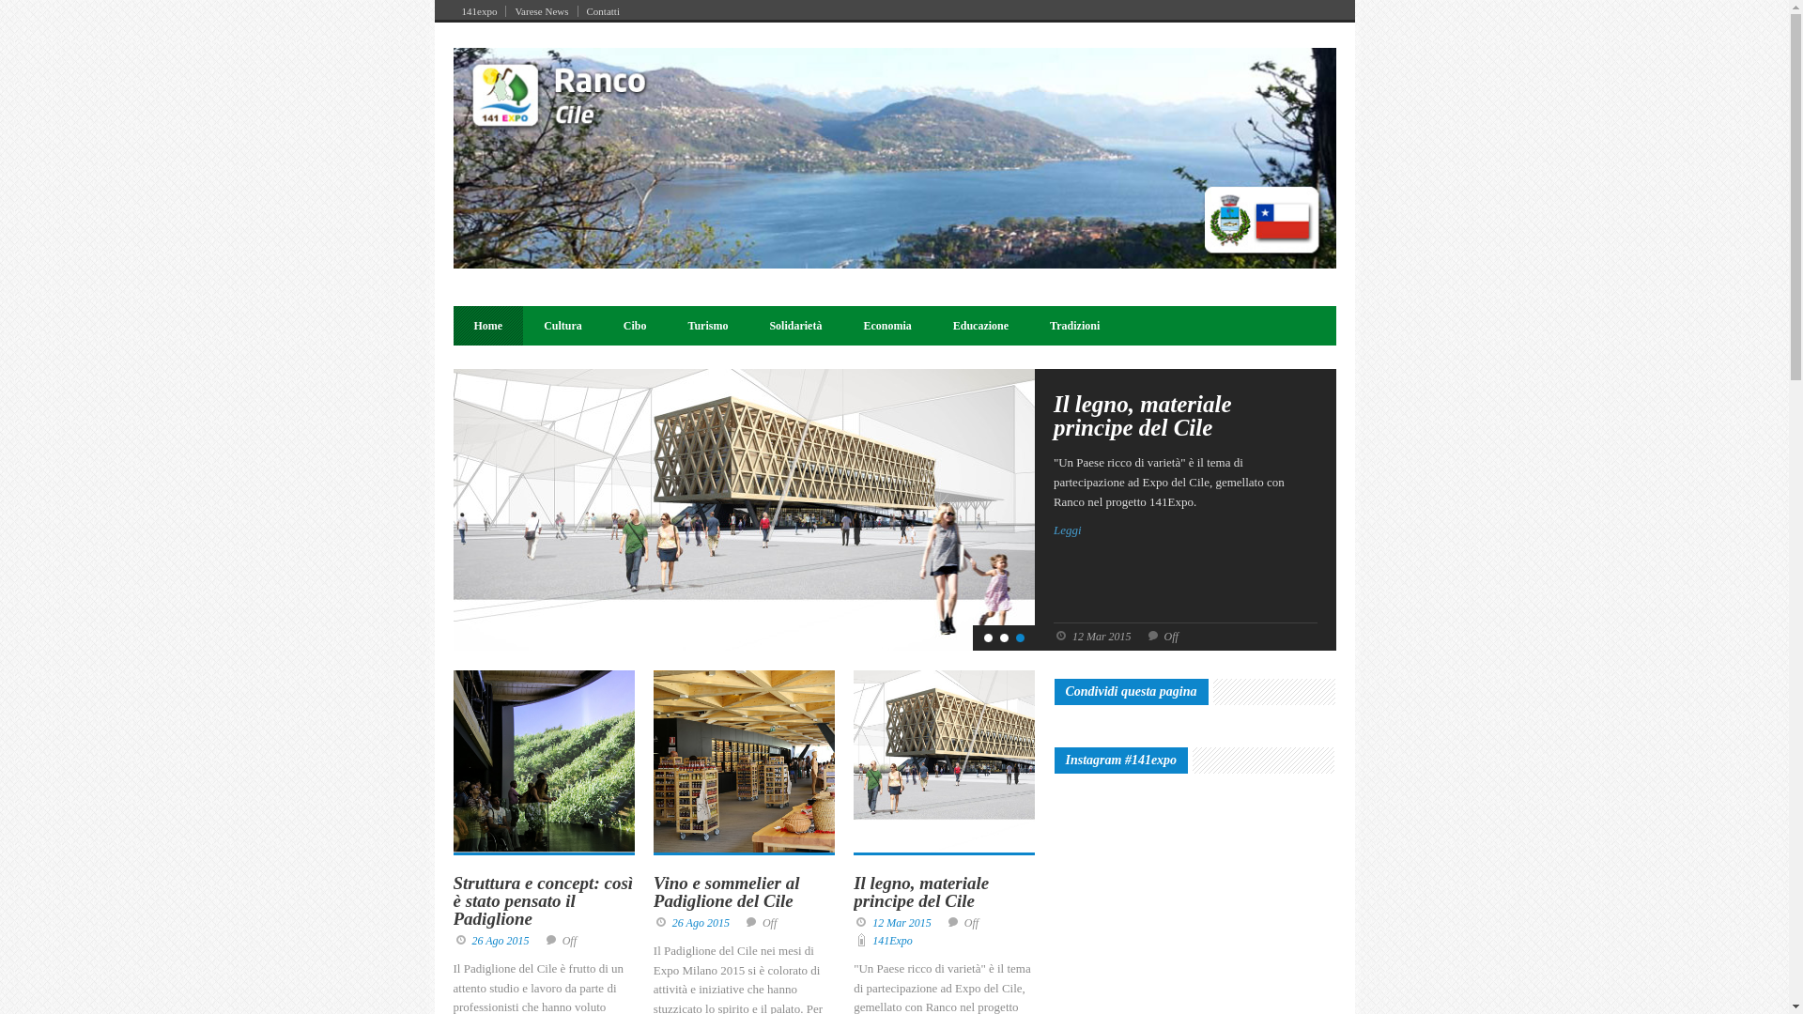  I want to click on 'Vino e sommelier al Padiglione del Cile', so click(725, 890).